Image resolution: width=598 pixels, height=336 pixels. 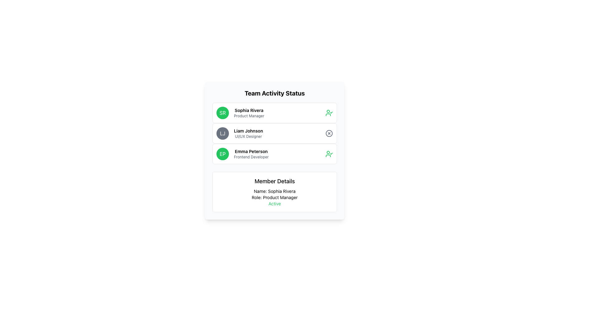 I want to click on the static text label displaying 'Sophia Rivera' which is positioned above the descriptor 'Product Manager' in the 'Team Activity Status' section, so click(x=249, y=110).